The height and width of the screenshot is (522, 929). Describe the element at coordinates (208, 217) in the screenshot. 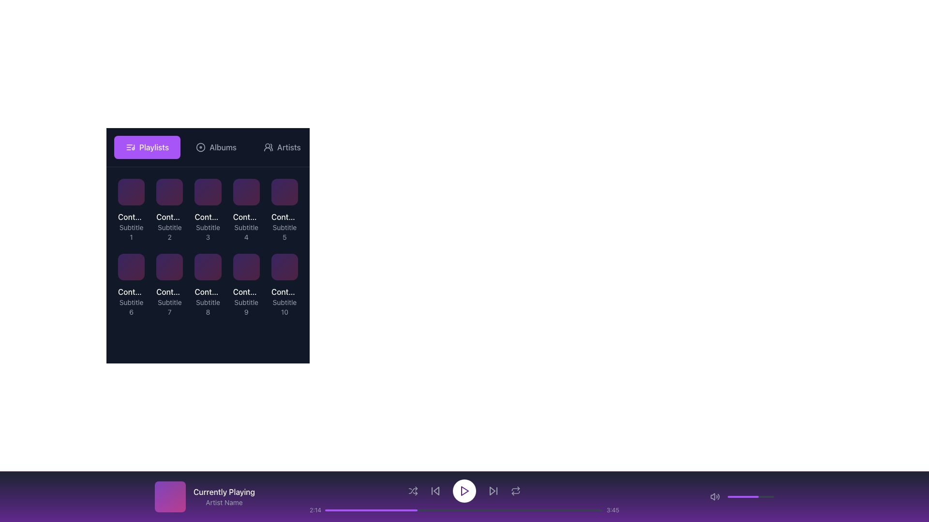

I see `the title text element that displays the name or identifier of the corresponding playlist or item, located in the third column of the topmost row in a grid layout` at that location.